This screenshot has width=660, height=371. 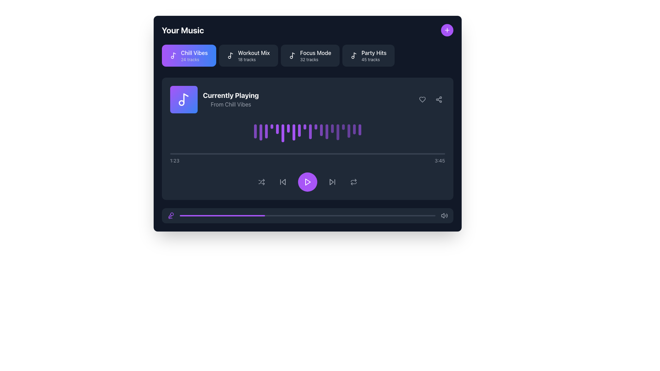 I want to click on the third vertical audio level indicator bar located centrally below the 'Currently Playing' section in the audio playback UI, so click(x=266, y=131).